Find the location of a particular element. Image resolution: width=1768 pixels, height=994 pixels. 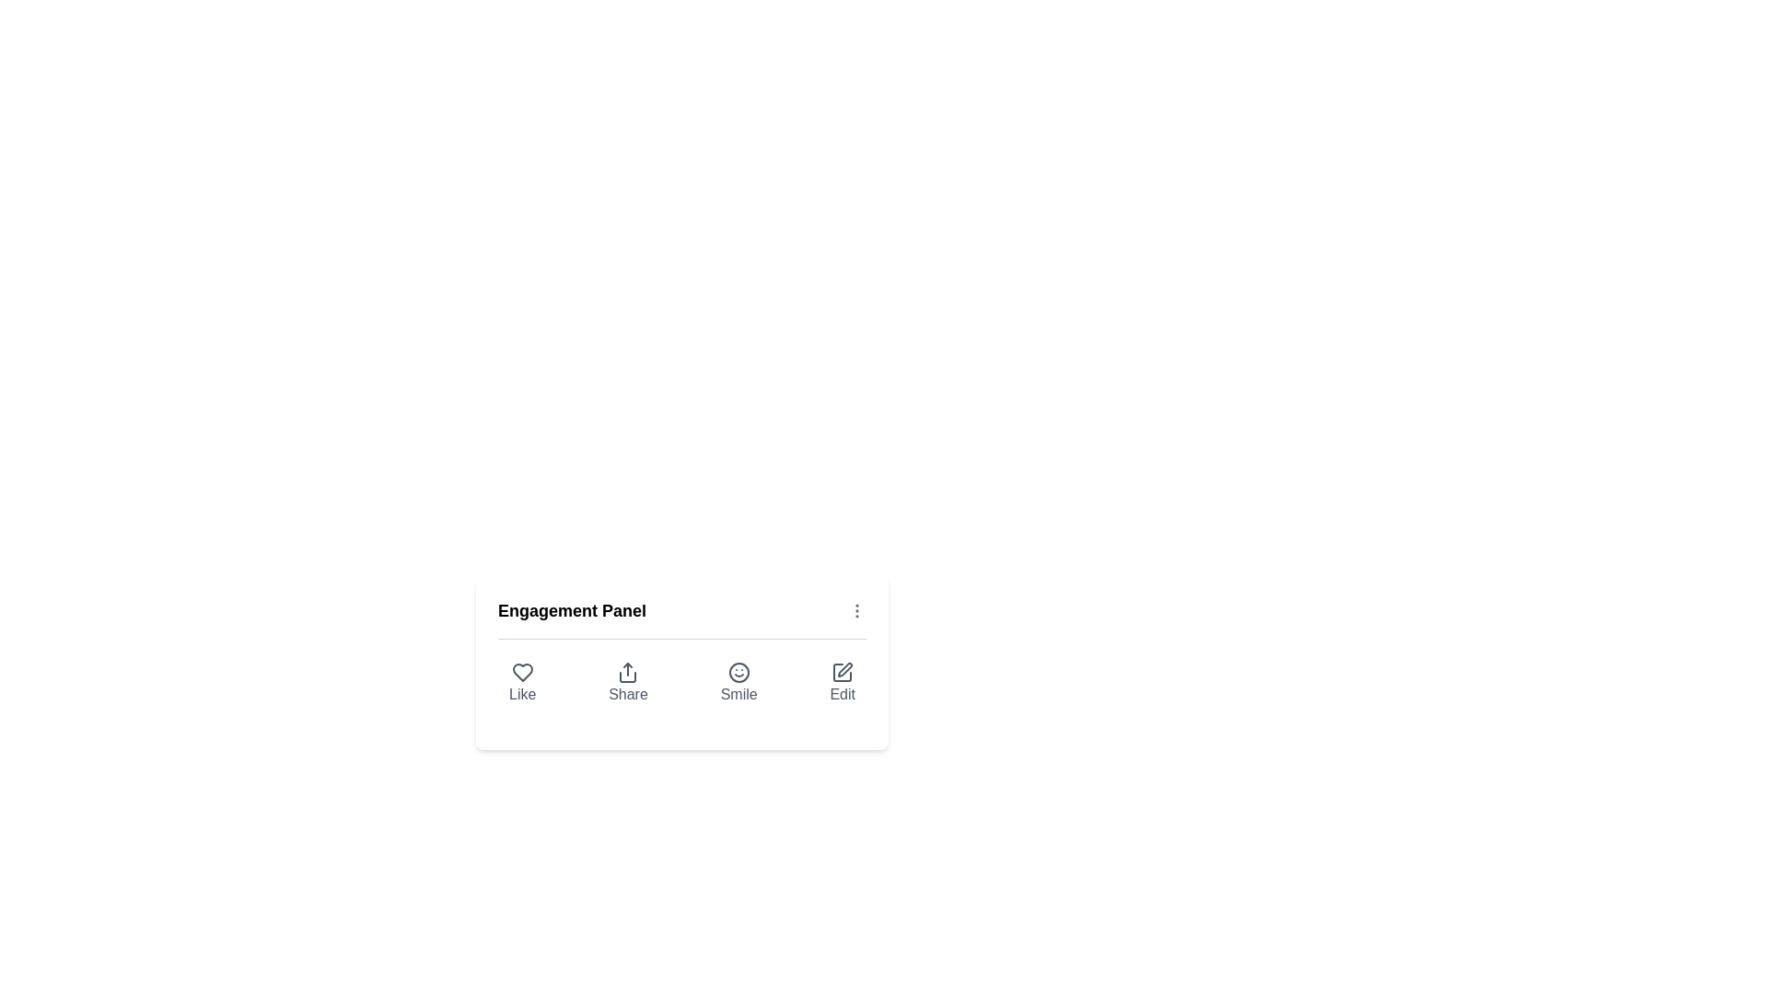

the square icon with a pen inside, located in the upper portion of the 'Edit' button, to invoke the edit action is located at coordinates (842, 673).